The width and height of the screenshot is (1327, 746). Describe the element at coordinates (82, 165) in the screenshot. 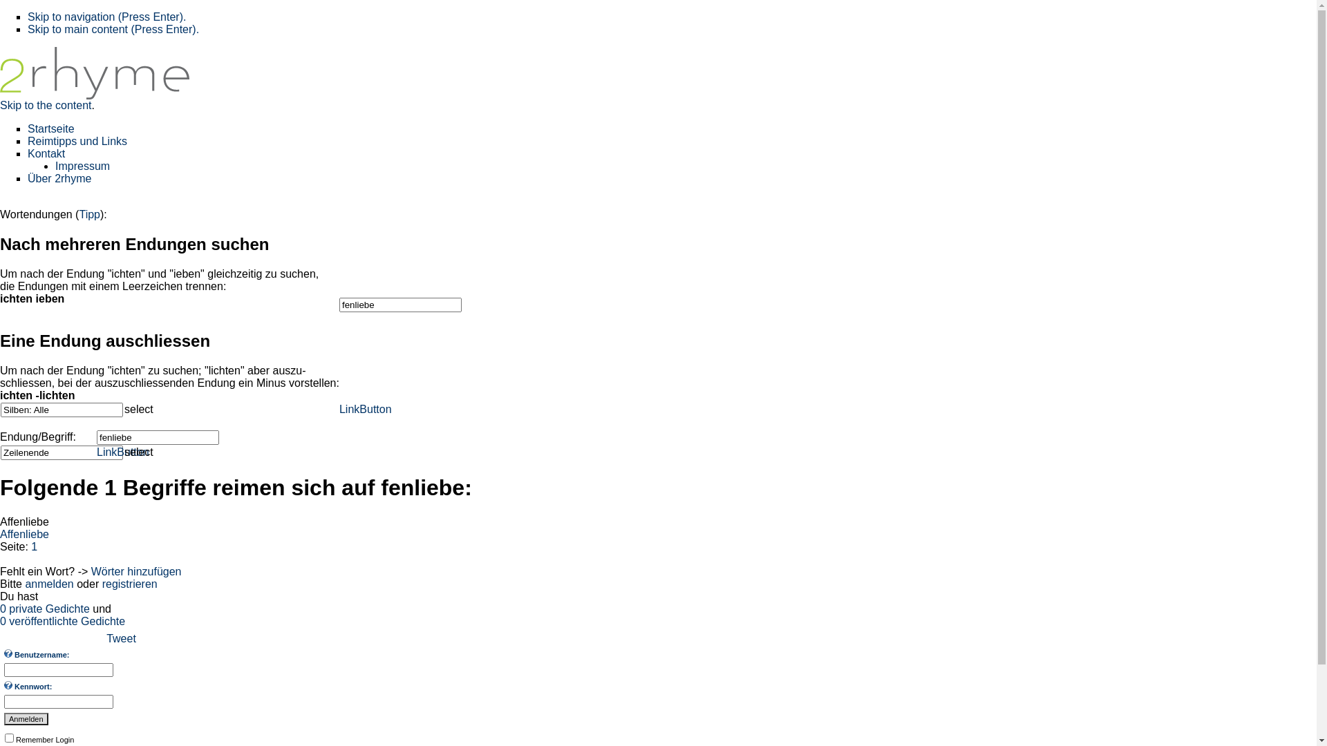

I see `'Impressum'` at that location.